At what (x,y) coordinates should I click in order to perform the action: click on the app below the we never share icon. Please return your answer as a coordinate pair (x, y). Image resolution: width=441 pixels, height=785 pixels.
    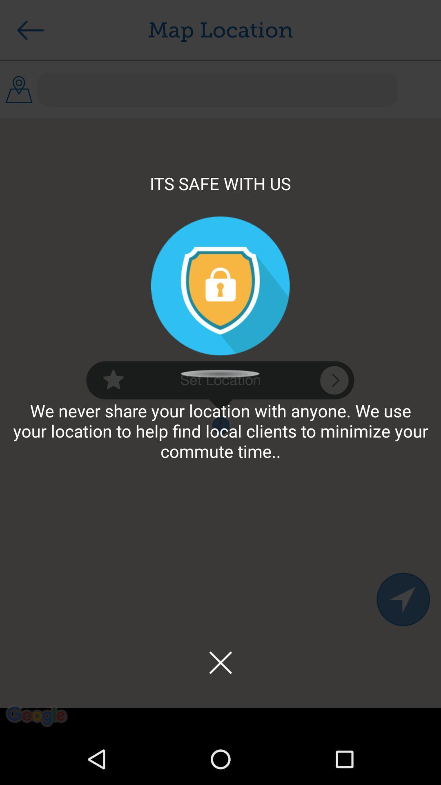
    Looking at the image, I should click on (220, 662).